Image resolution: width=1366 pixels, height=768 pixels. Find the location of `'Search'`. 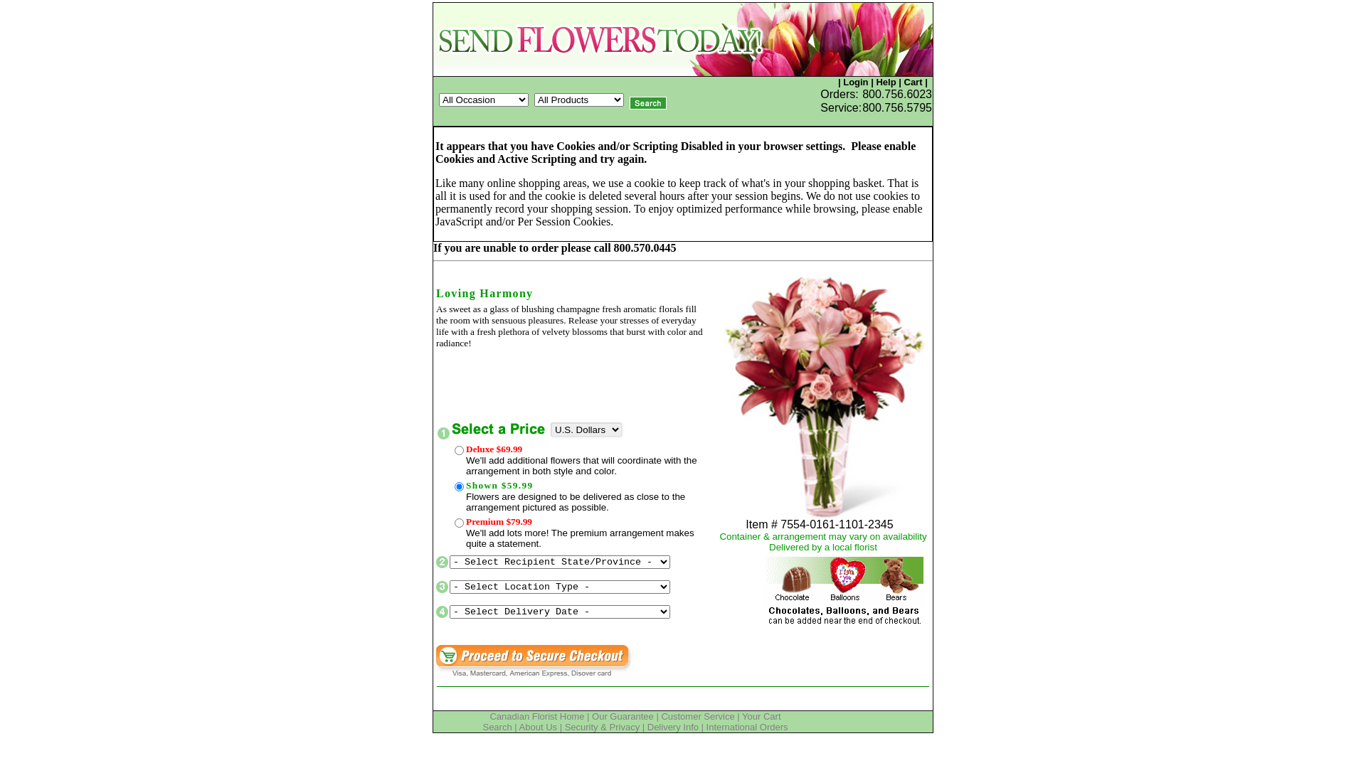

'Search' is located at coordinates (497, 727).